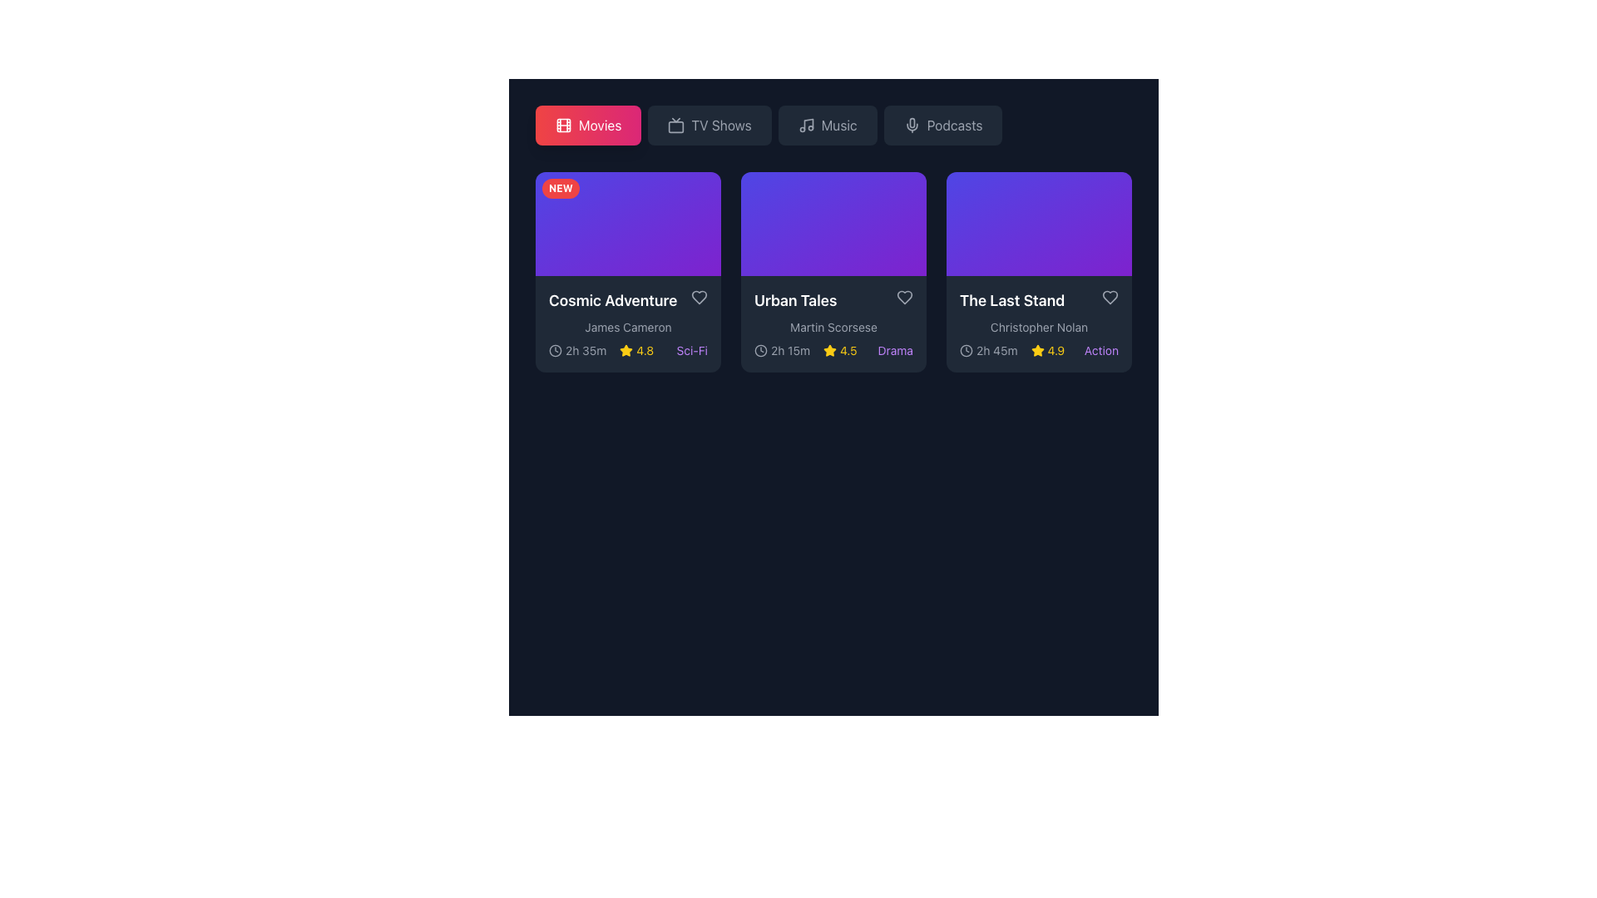  I want to click on the text label displaying '2h 45m' in gray font, which indicates the duration of the film 'The Last Stand' and is located to the right of a clock icon, so click(996, 350).